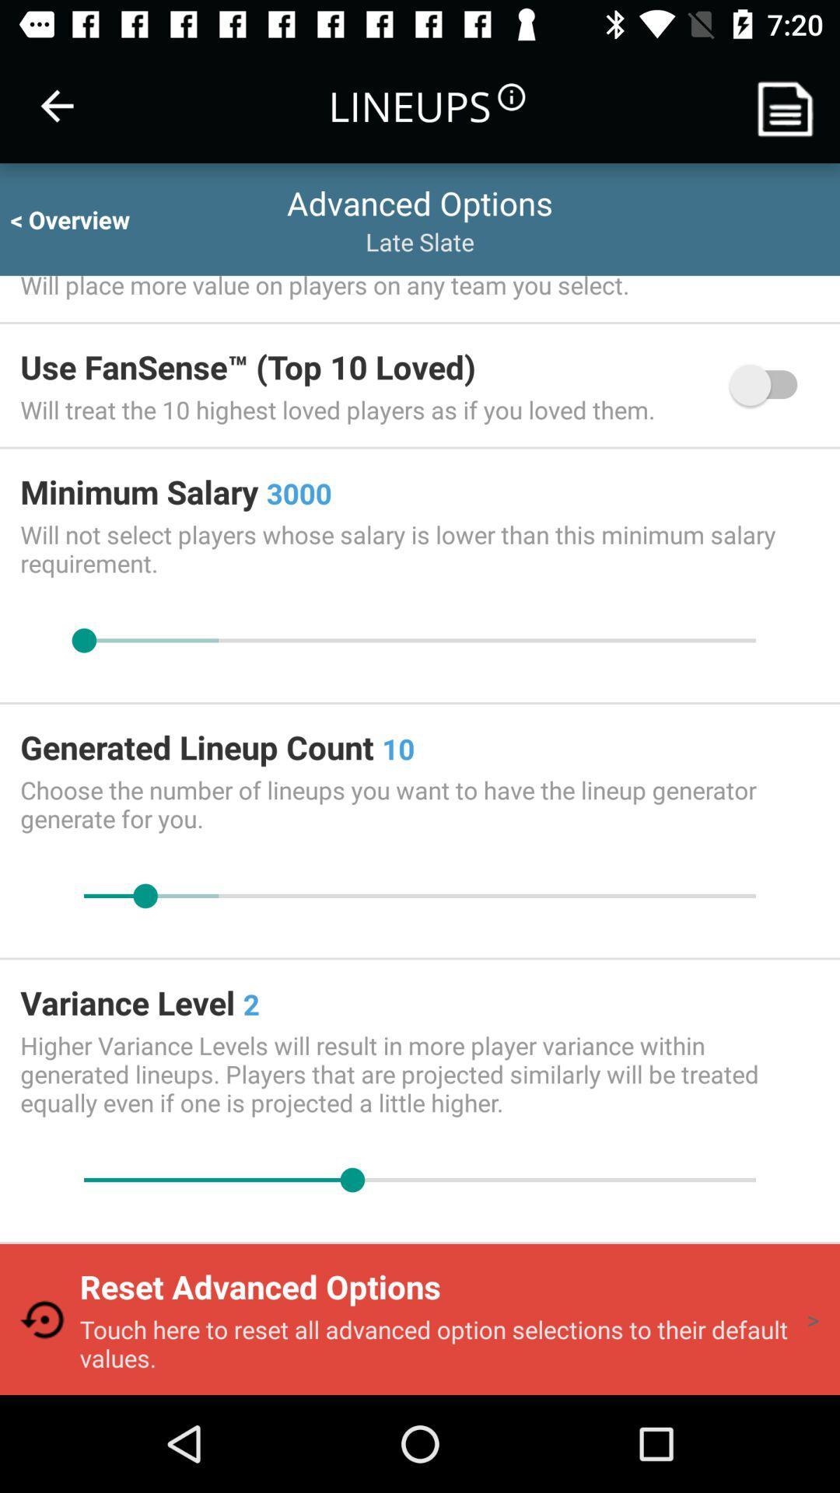 This screenshot has width=840, height=1493. I want to click on the icon above will place more, so click(84, 219).